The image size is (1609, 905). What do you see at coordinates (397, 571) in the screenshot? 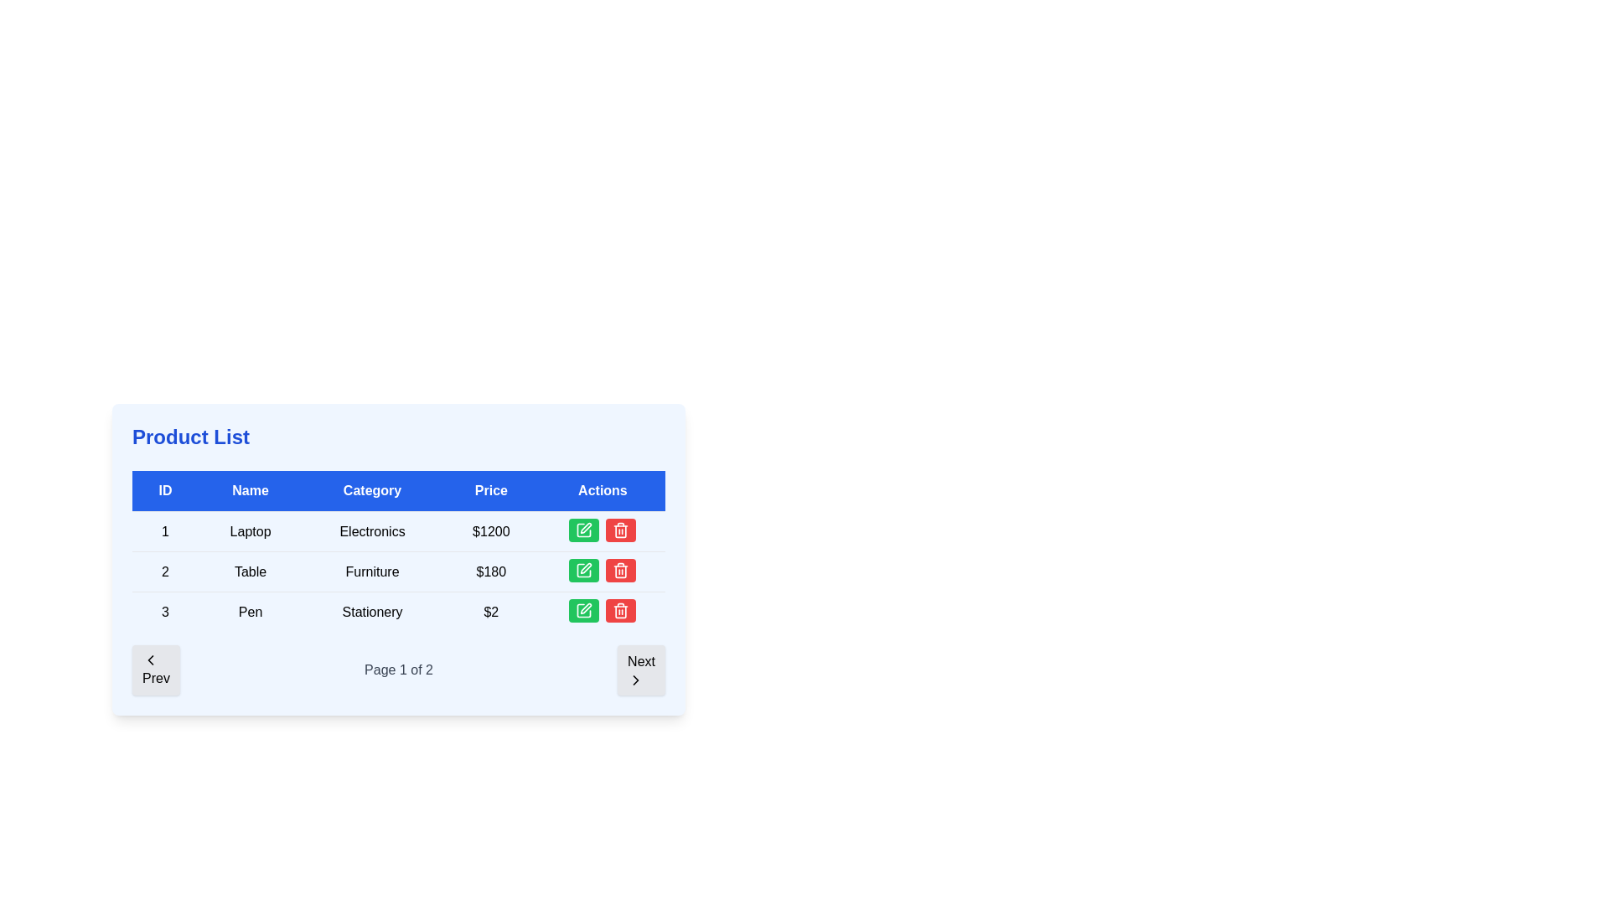
I see `the second row of the table` at bounding box center [397, 571].